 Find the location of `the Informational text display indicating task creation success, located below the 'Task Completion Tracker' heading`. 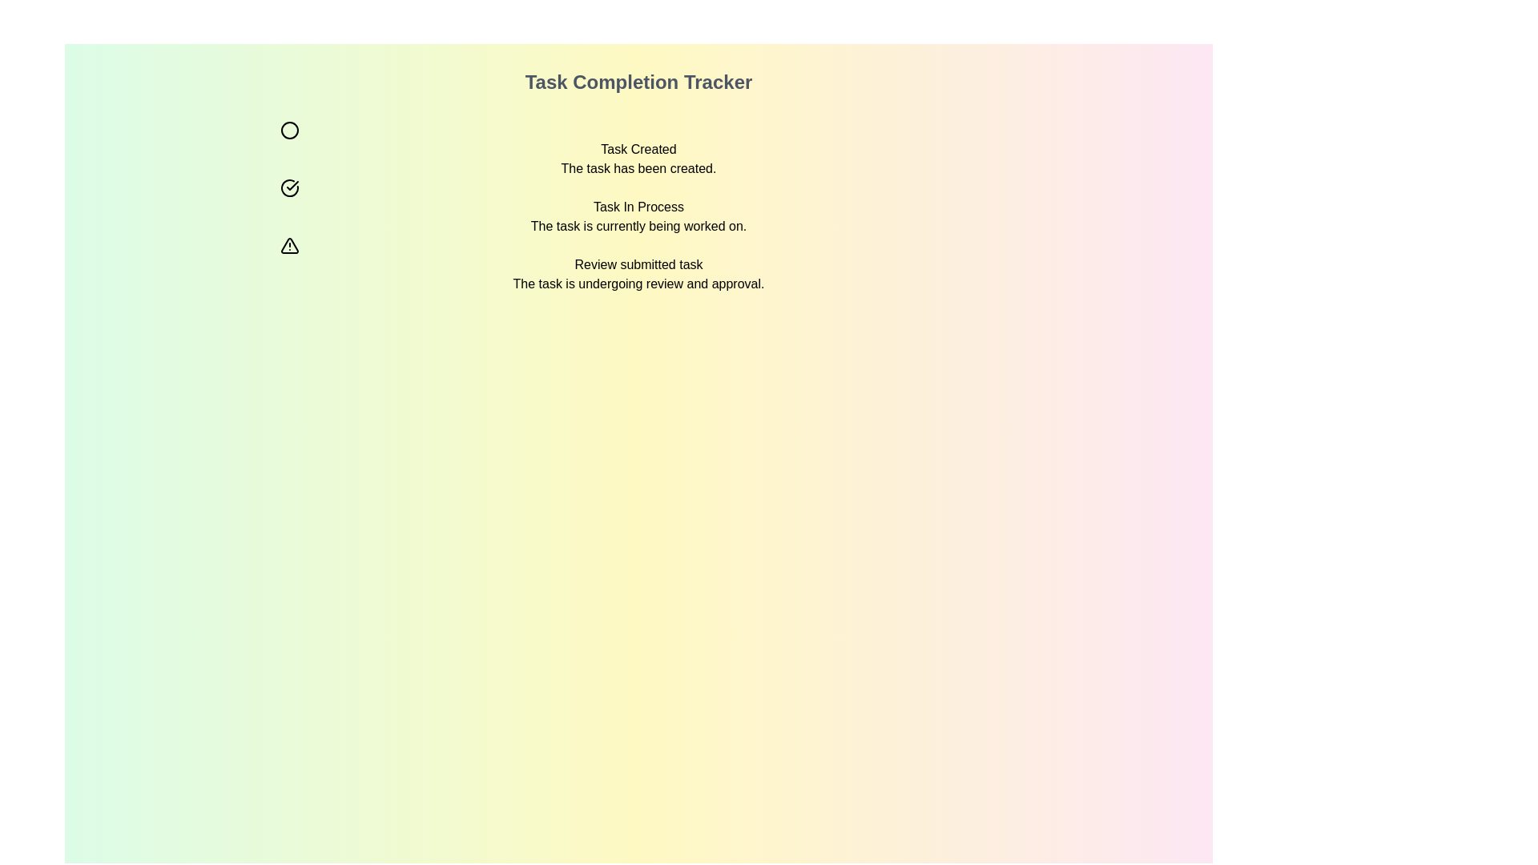

the Informational text display indicating task creation success, located below the 'Task Completion Tracker' heading is located at coordinates (638, 159).